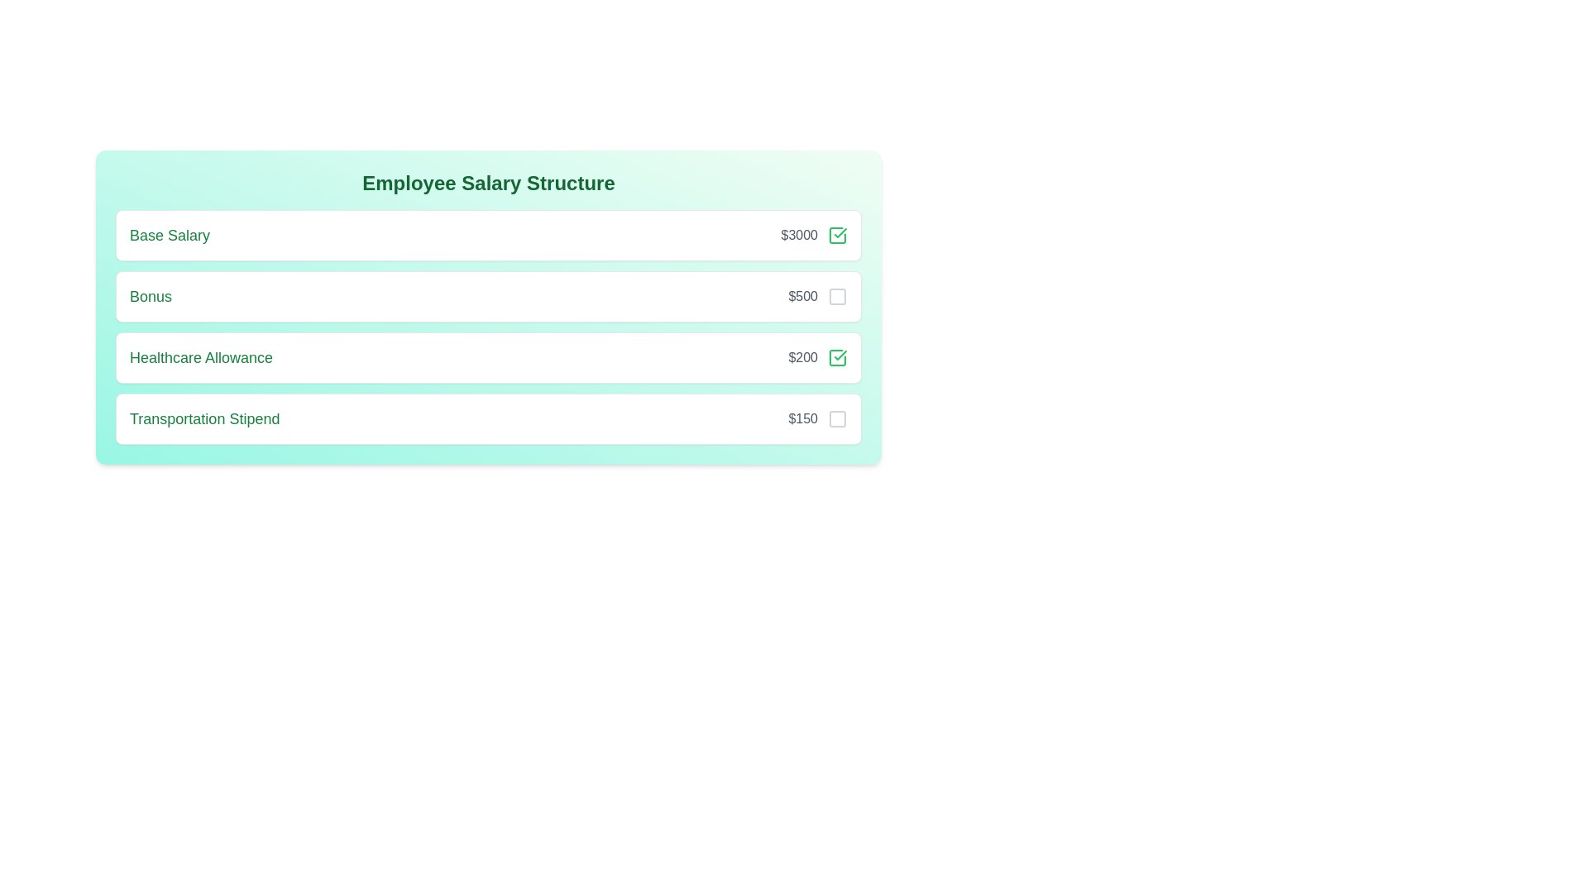  I want to click on the salary breakdown item corresponding to Base Salary, so click(837, 236).